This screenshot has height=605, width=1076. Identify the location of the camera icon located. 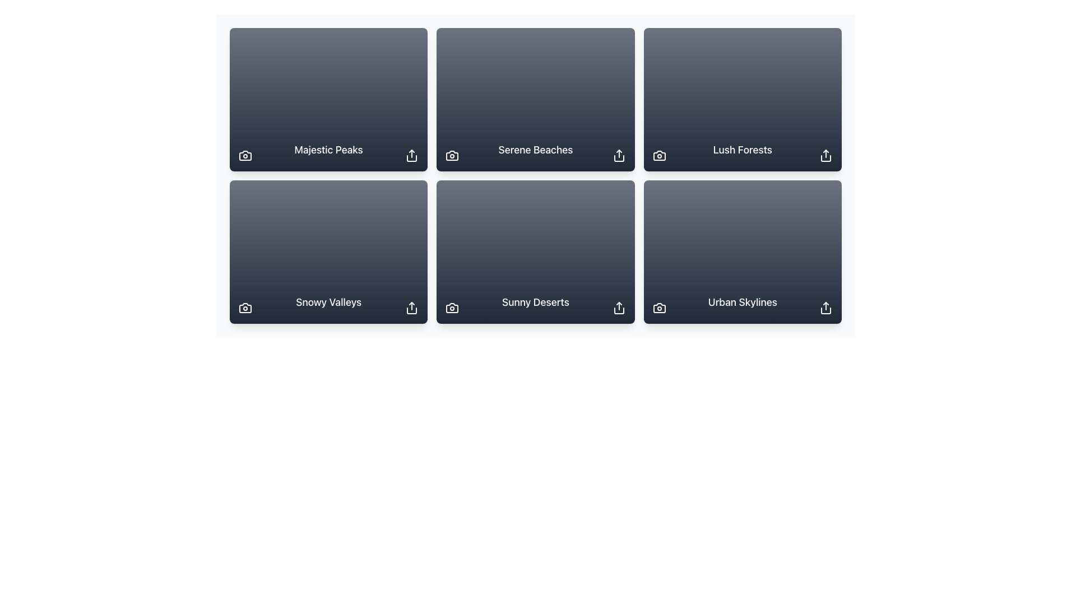
(452, 155).